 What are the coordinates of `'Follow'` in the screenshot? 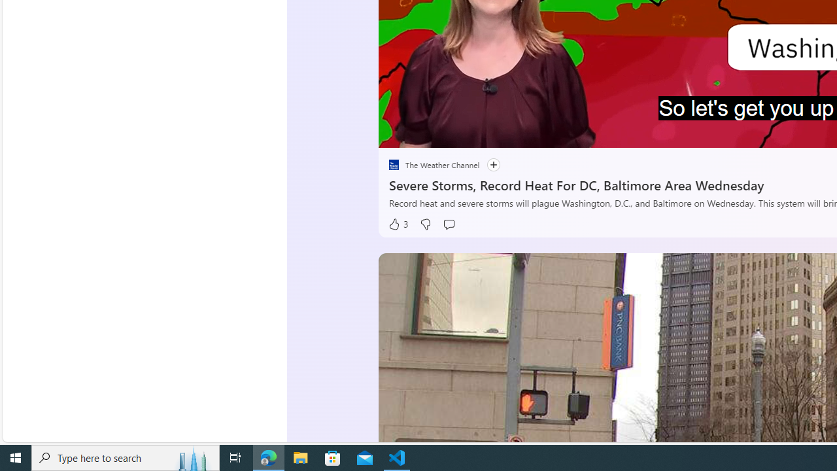 It's located at (486, 164).